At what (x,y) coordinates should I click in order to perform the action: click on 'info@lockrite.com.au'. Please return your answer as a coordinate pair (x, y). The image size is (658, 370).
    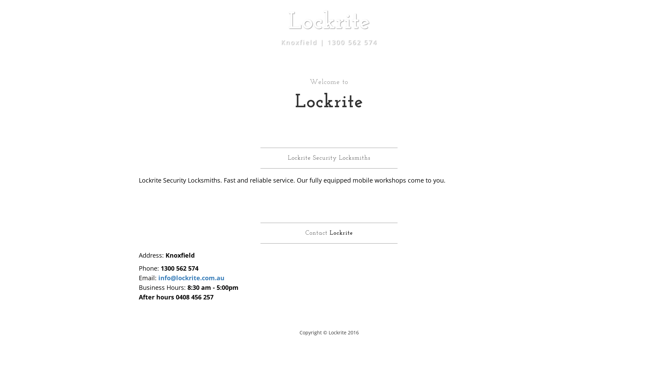
    Looking at the image, I should click on (191, 277).